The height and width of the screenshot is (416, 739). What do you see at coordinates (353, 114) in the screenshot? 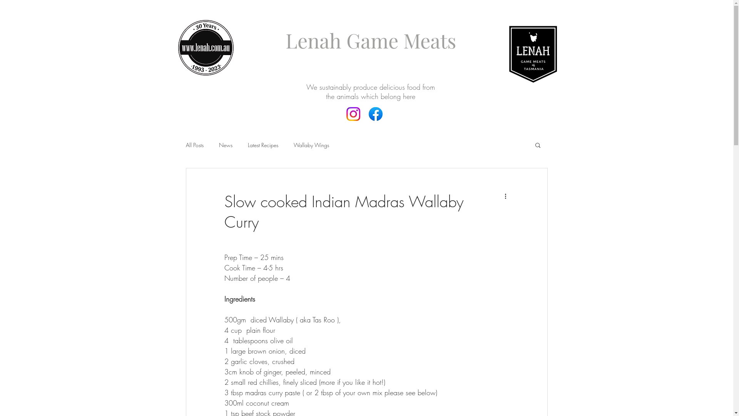
I see `'Facebook'` at bounding box center [353, 114].